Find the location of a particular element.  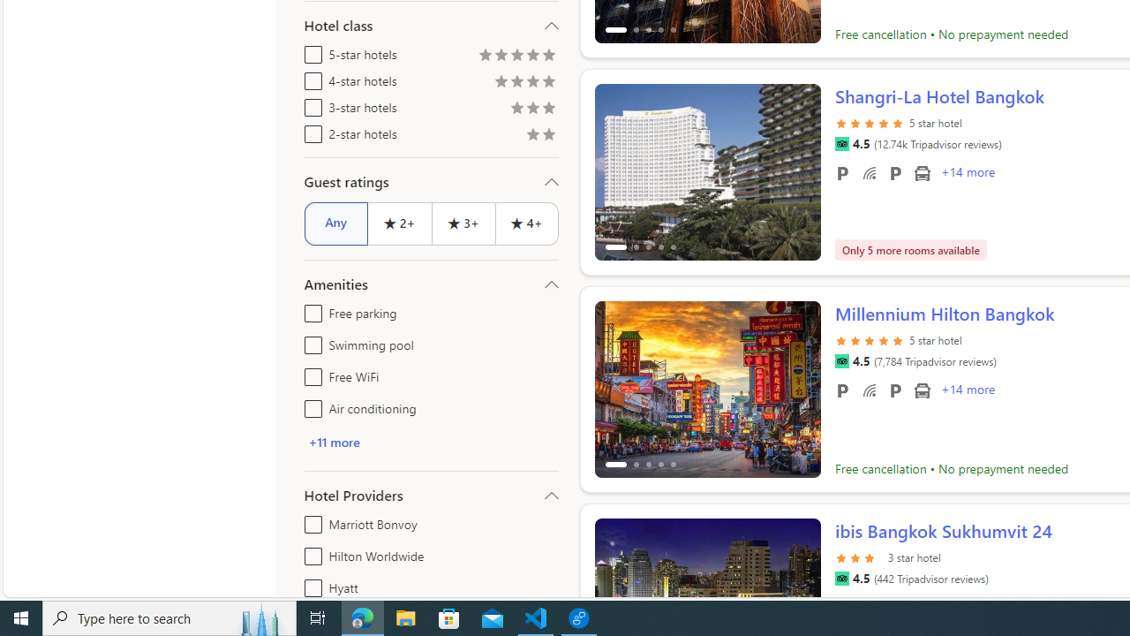

'3+' is located at coordinates (463, 223).